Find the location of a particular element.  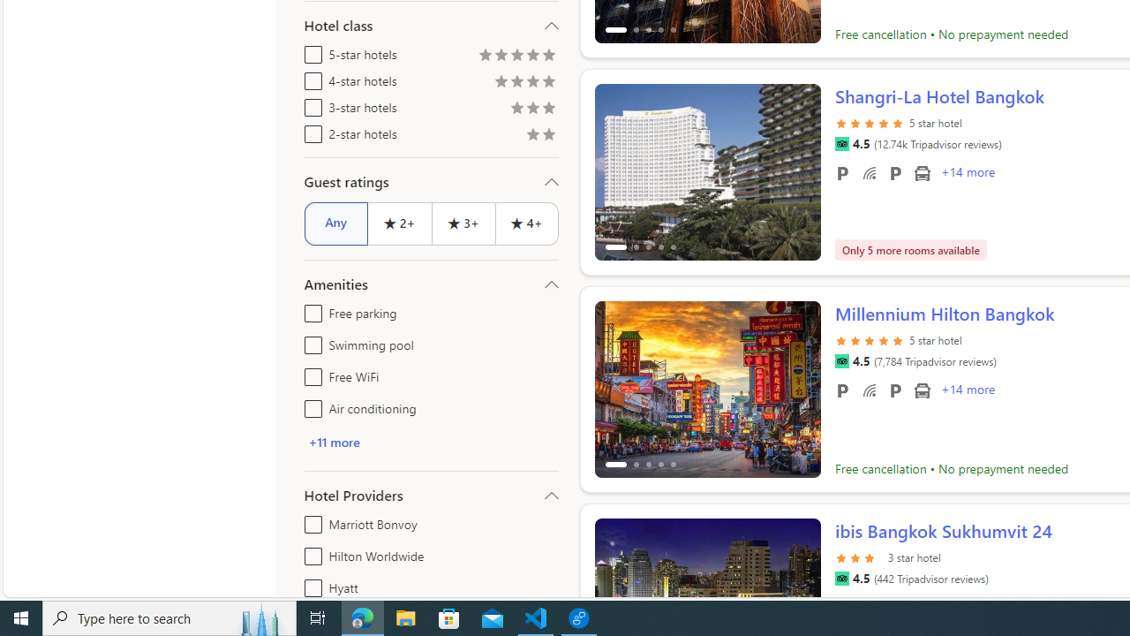

'3+' is located at coordinates (463, 223).